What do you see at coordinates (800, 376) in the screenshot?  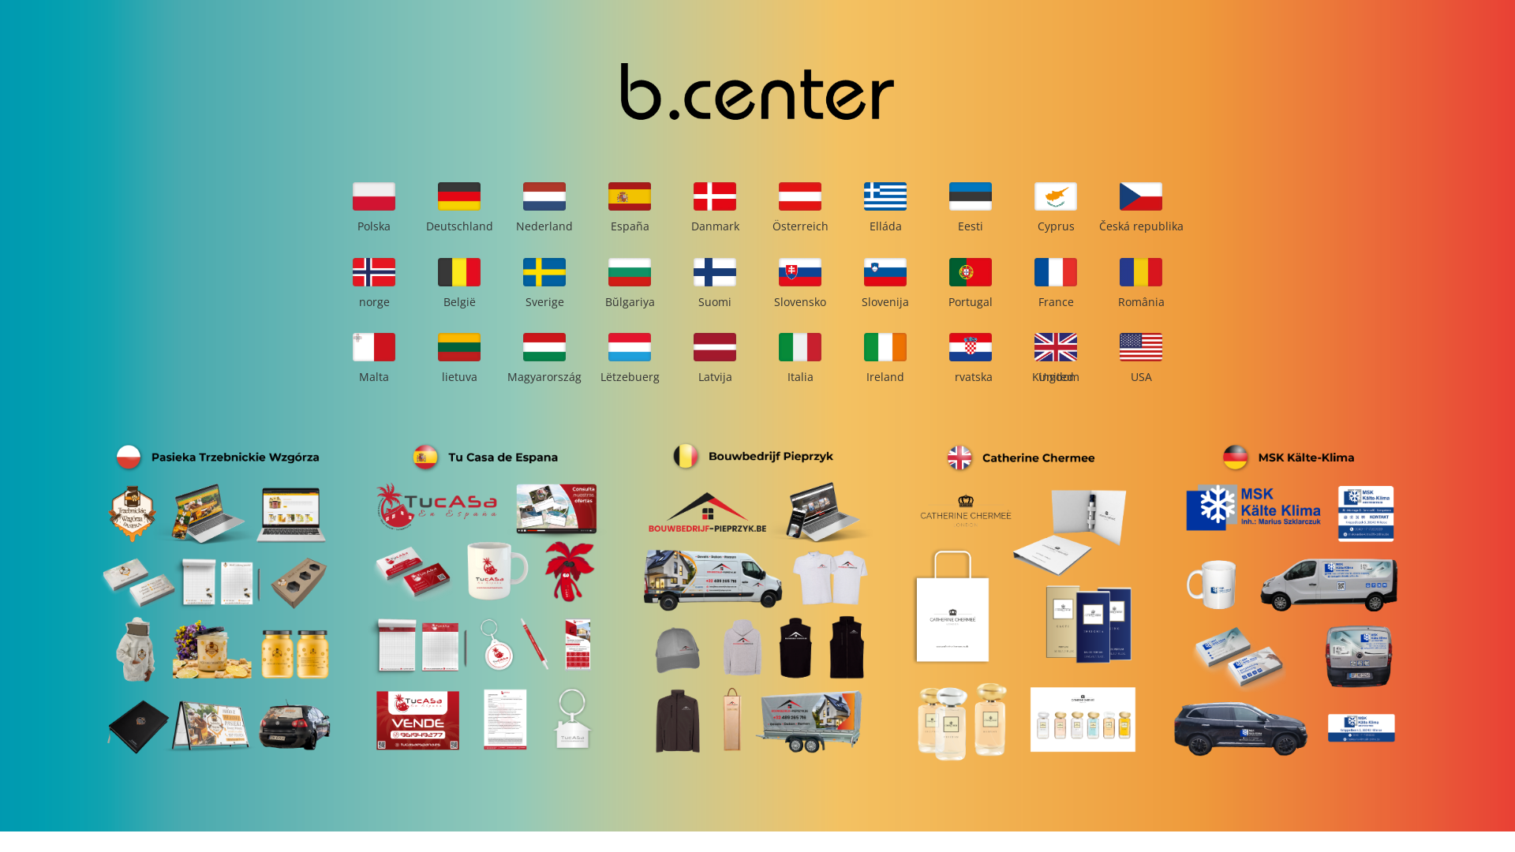 I see `'Italia'` at bounding box center [800, 376].